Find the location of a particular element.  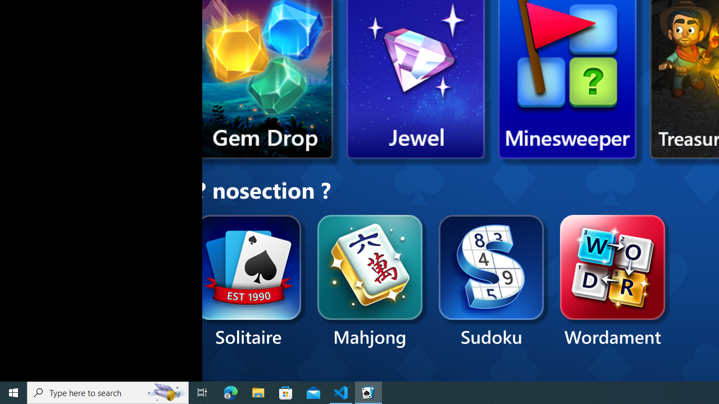

'Wordament' is located at coordinates (612, 281).